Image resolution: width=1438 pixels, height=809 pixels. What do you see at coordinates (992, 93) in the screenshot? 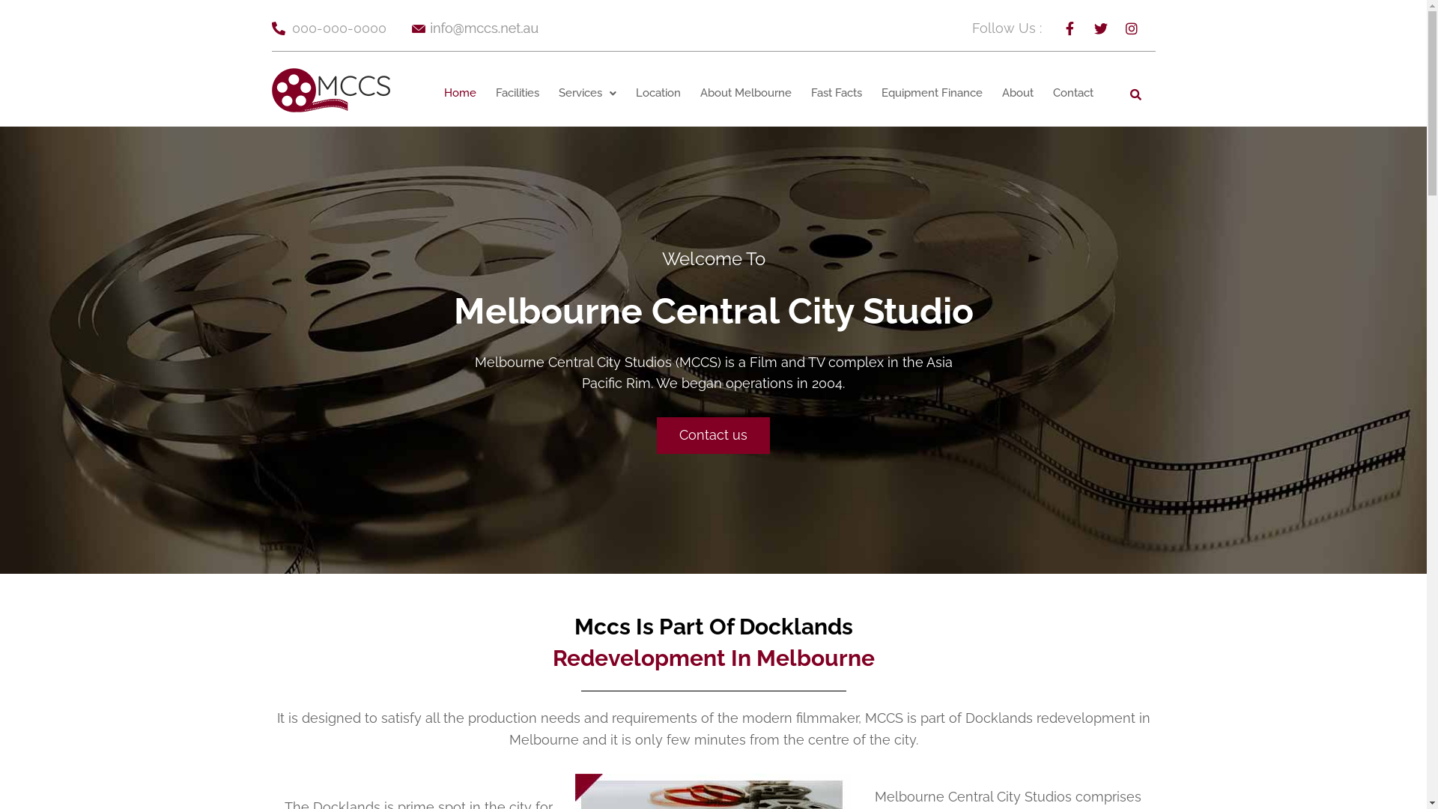
I see `'About'` at bounding box center [992, 93].